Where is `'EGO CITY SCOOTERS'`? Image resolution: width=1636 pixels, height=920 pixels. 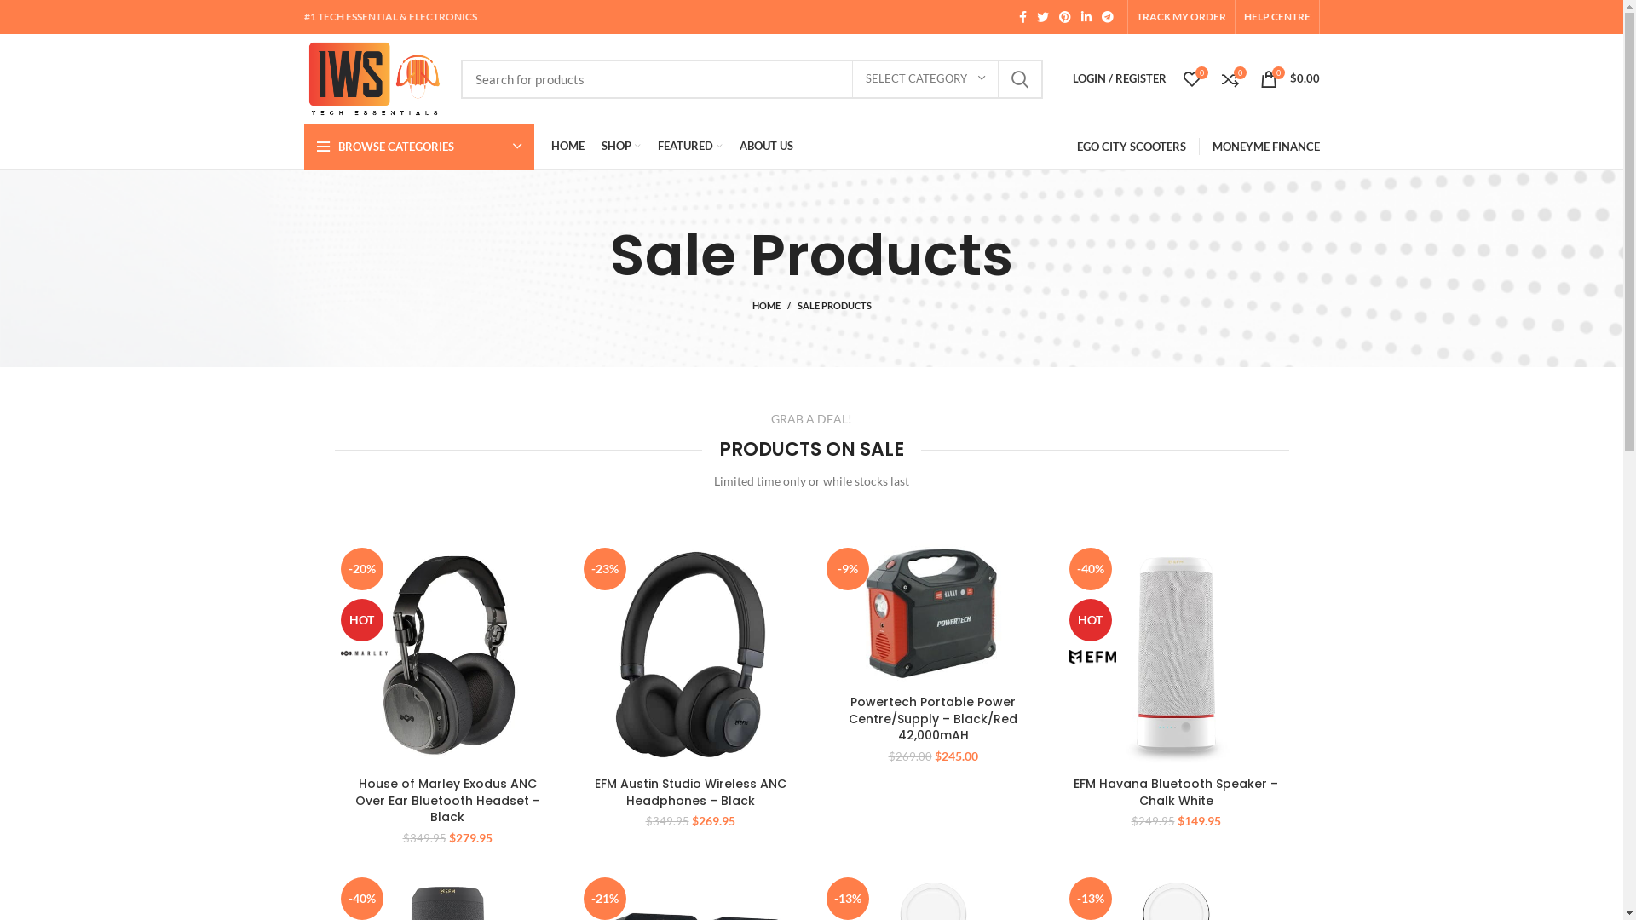
'EGO CITY SCOOTERS' is located at coordinates (1132, 146).